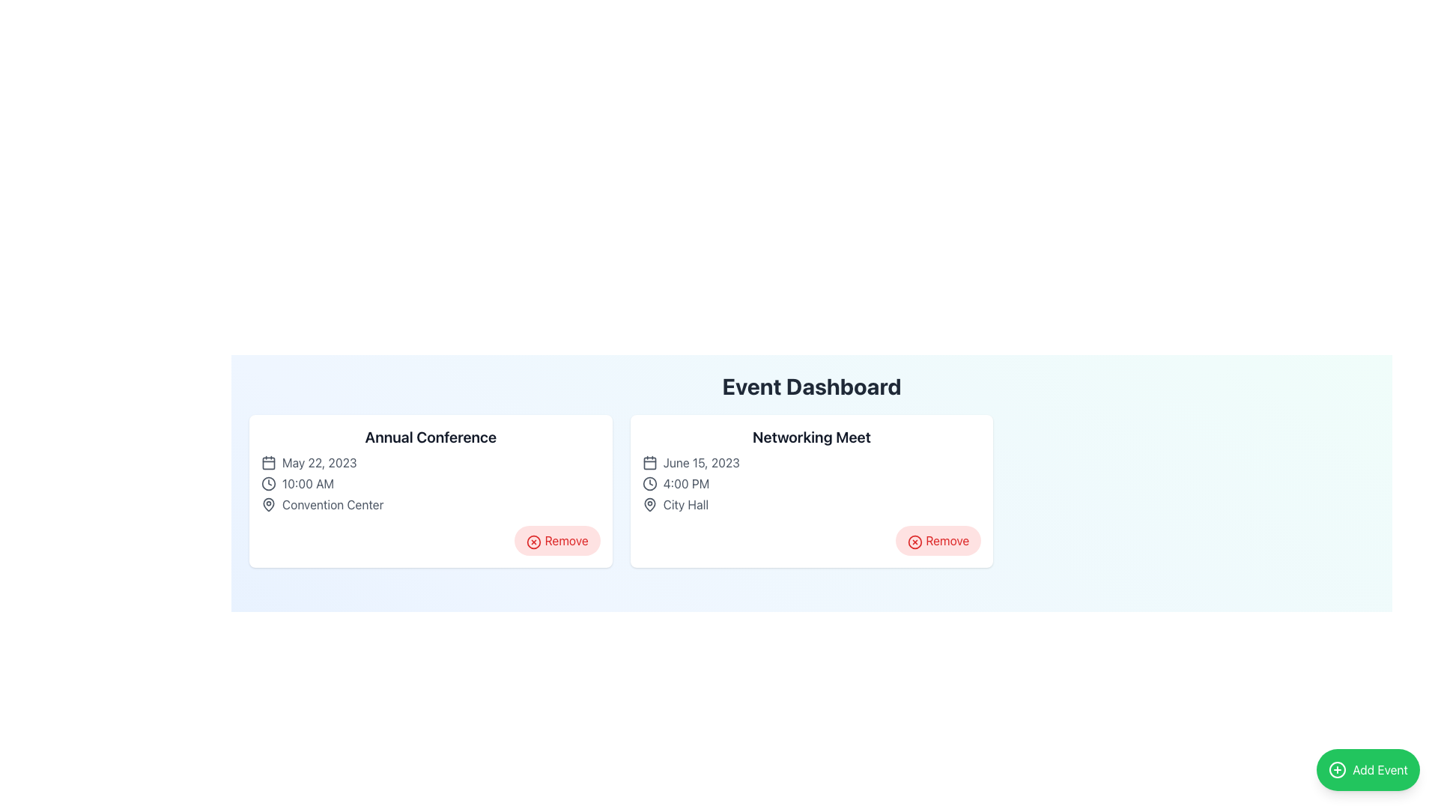 The image size is (1438, 809). What do you see at coordinates (649, 483) in the screenshot?
I see `the circle shape representing the analog clock icon within the 'Networking Meet' card in the Event Dashboard` at bounding box center [649, 483].